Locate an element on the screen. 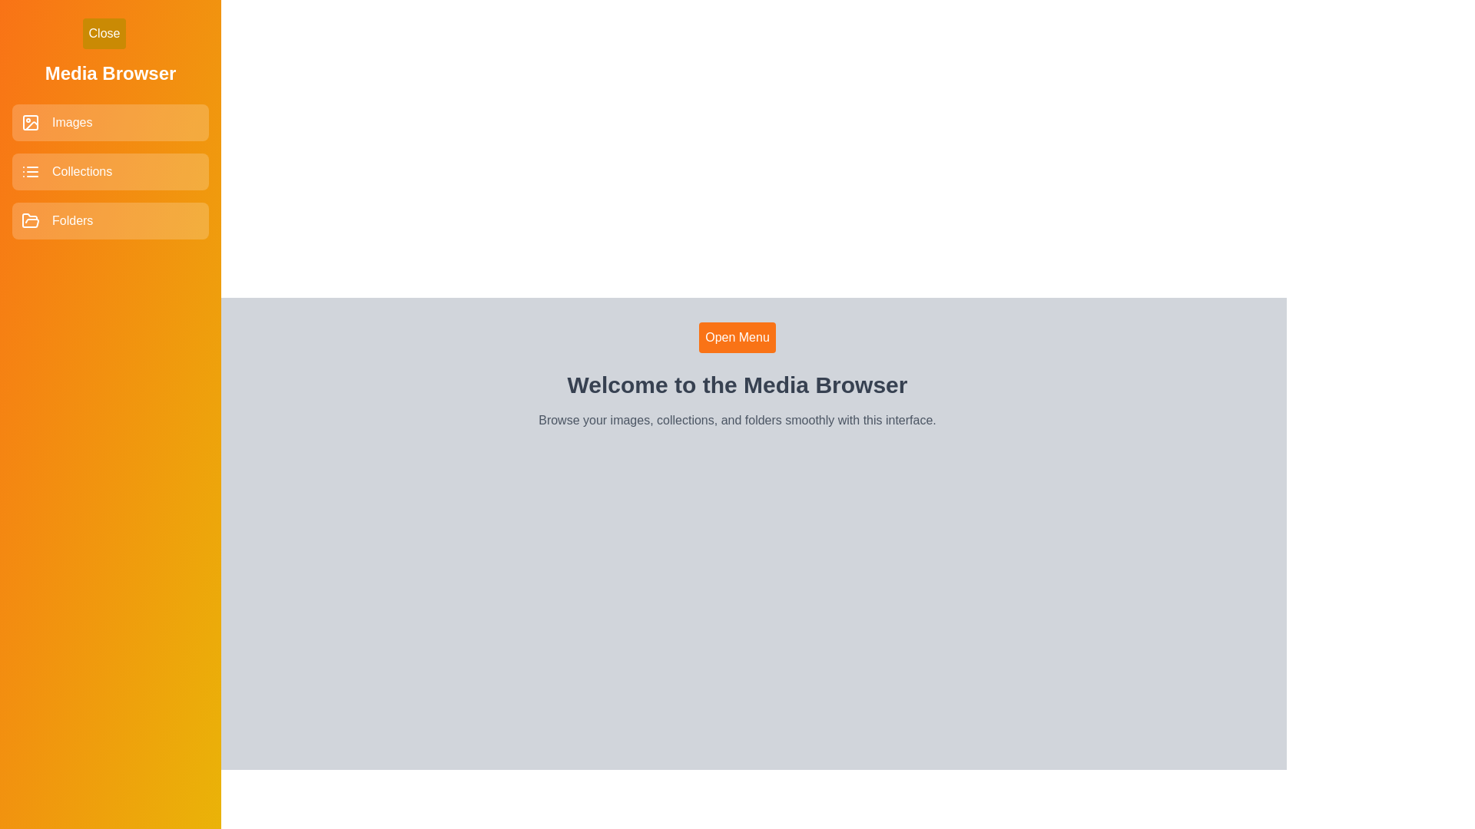 The image size is (1475, 829). 'Close' button to toggle the sidebar visibility is located at coordinates (103, 33).